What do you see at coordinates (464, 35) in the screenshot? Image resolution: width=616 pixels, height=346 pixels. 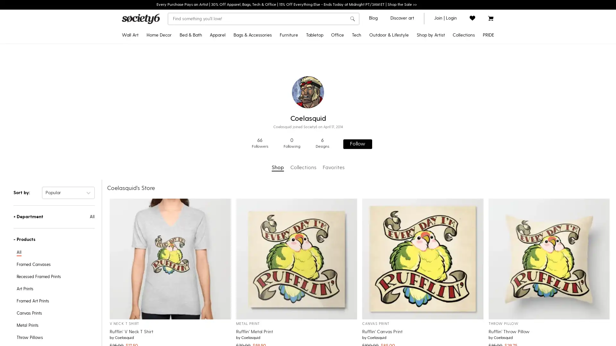 I see `Collections` at bounding box center [464, 35].